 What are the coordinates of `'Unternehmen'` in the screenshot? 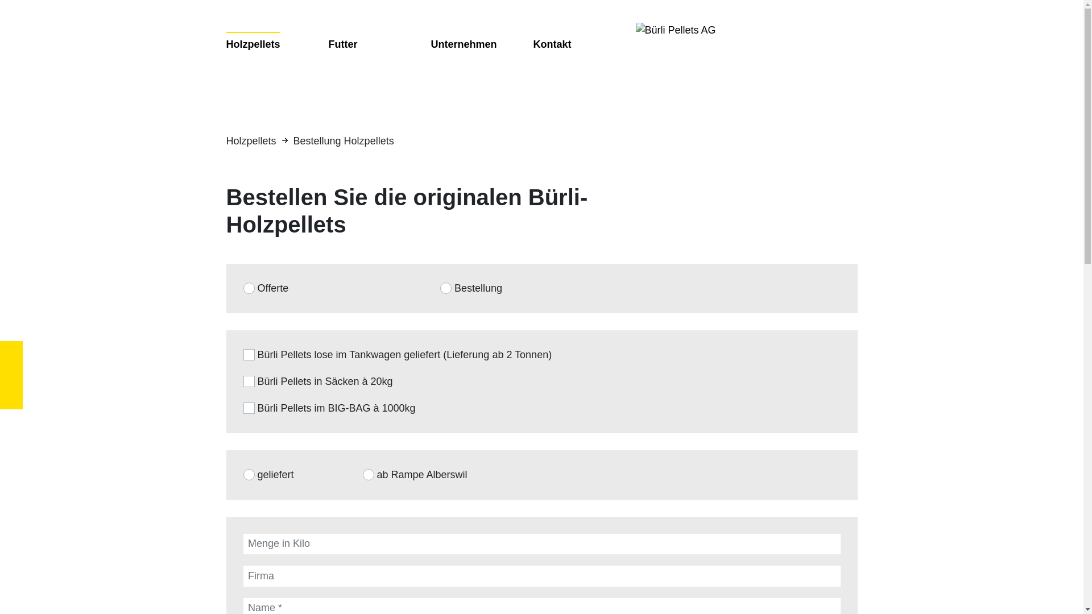 It's located at (431, 43).